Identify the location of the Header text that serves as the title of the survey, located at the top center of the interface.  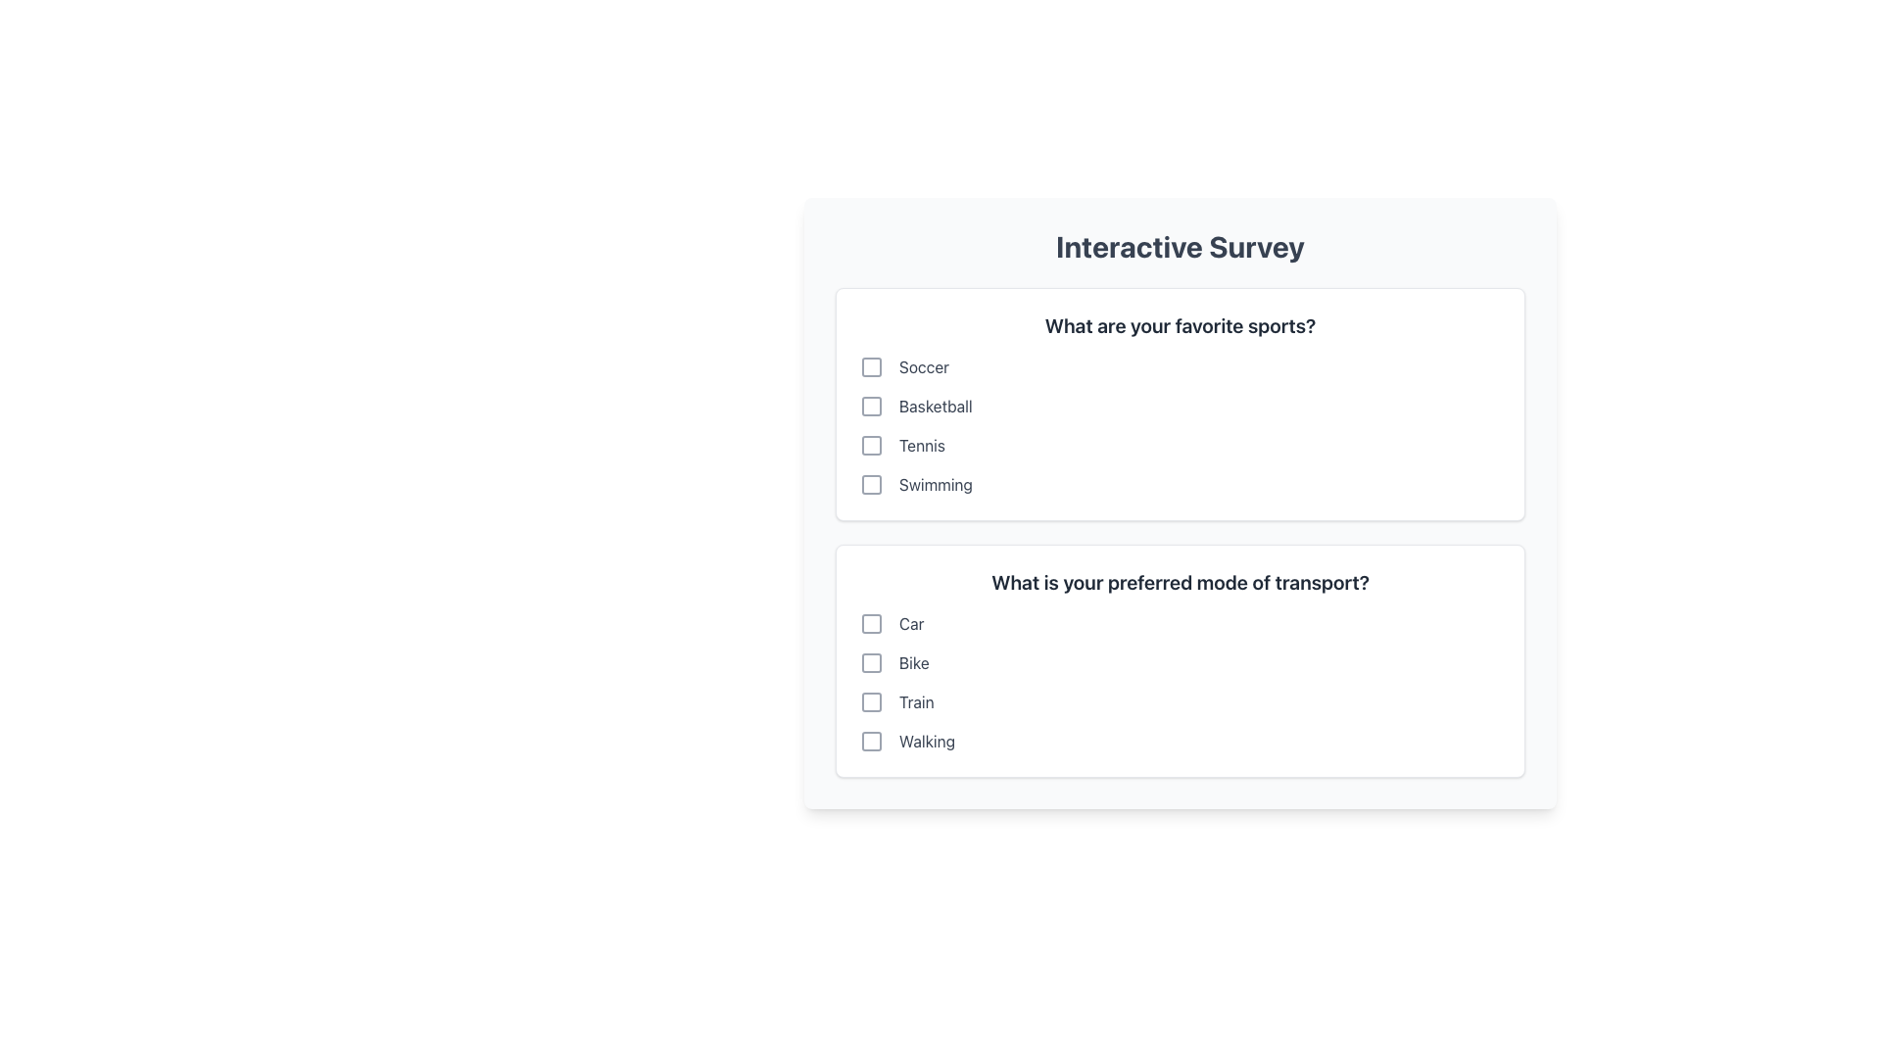
(1179, 245).